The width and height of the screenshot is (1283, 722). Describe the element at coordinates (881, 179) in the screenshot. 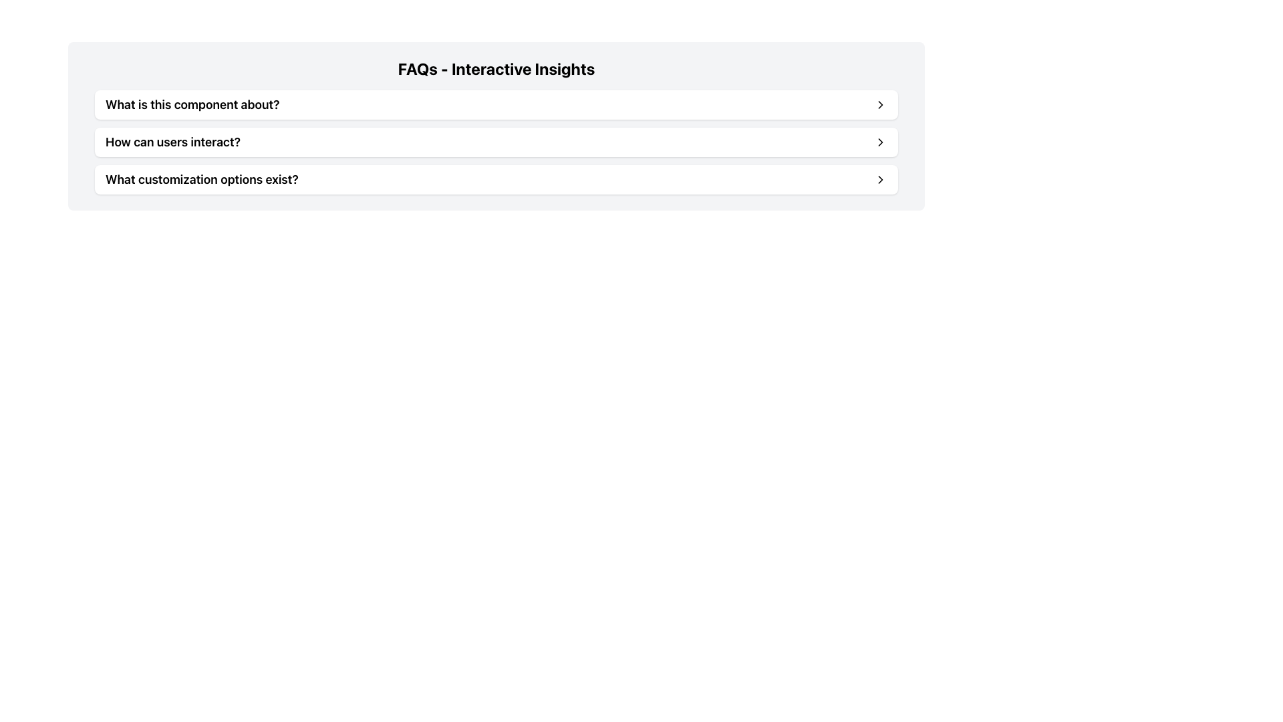

I see `the chevron icon on the right end of the row 'What customization options exist?'` at that location.